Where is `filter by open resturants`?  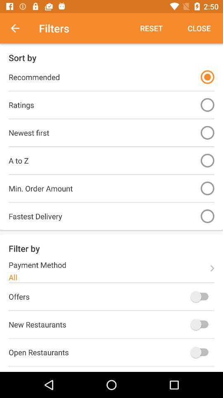
filter by open resturants is located at coordinates (201, 352).